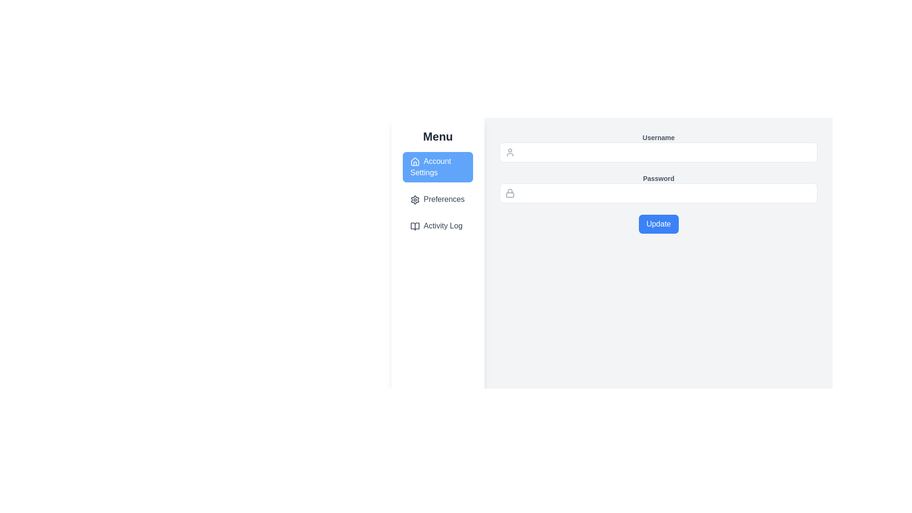 The height and width of the screenshot is (513, 912). What do you see at coordinates (415, 199) in the screenshot?
I see `the gear icon in the sidebar menu` at bounding box center [415, 199].